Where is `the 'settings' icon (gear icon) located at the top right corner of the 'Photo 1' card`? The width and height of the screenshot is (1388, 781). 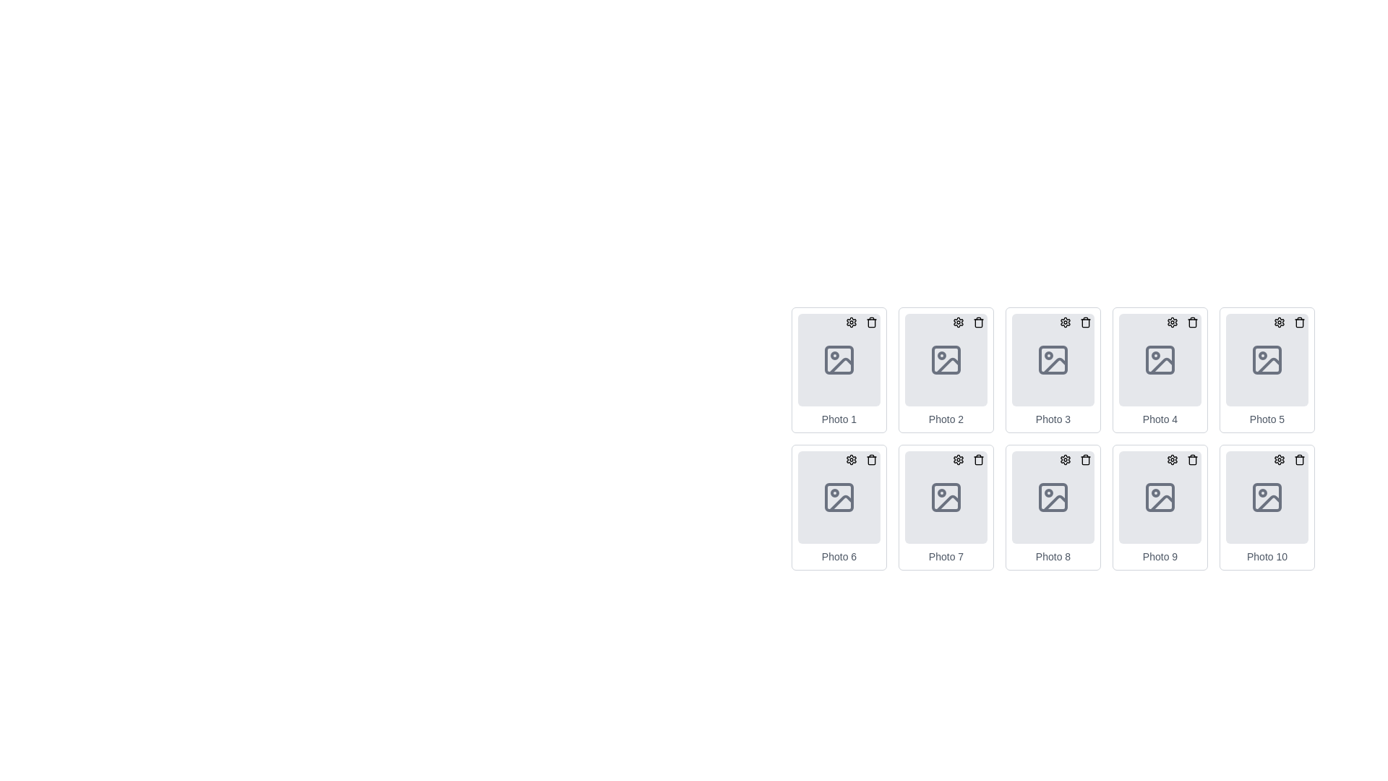
the 'settings' icon (gear icon) located at the top right corner of the 'Photo 1' card is located at coordinates (861, 322).